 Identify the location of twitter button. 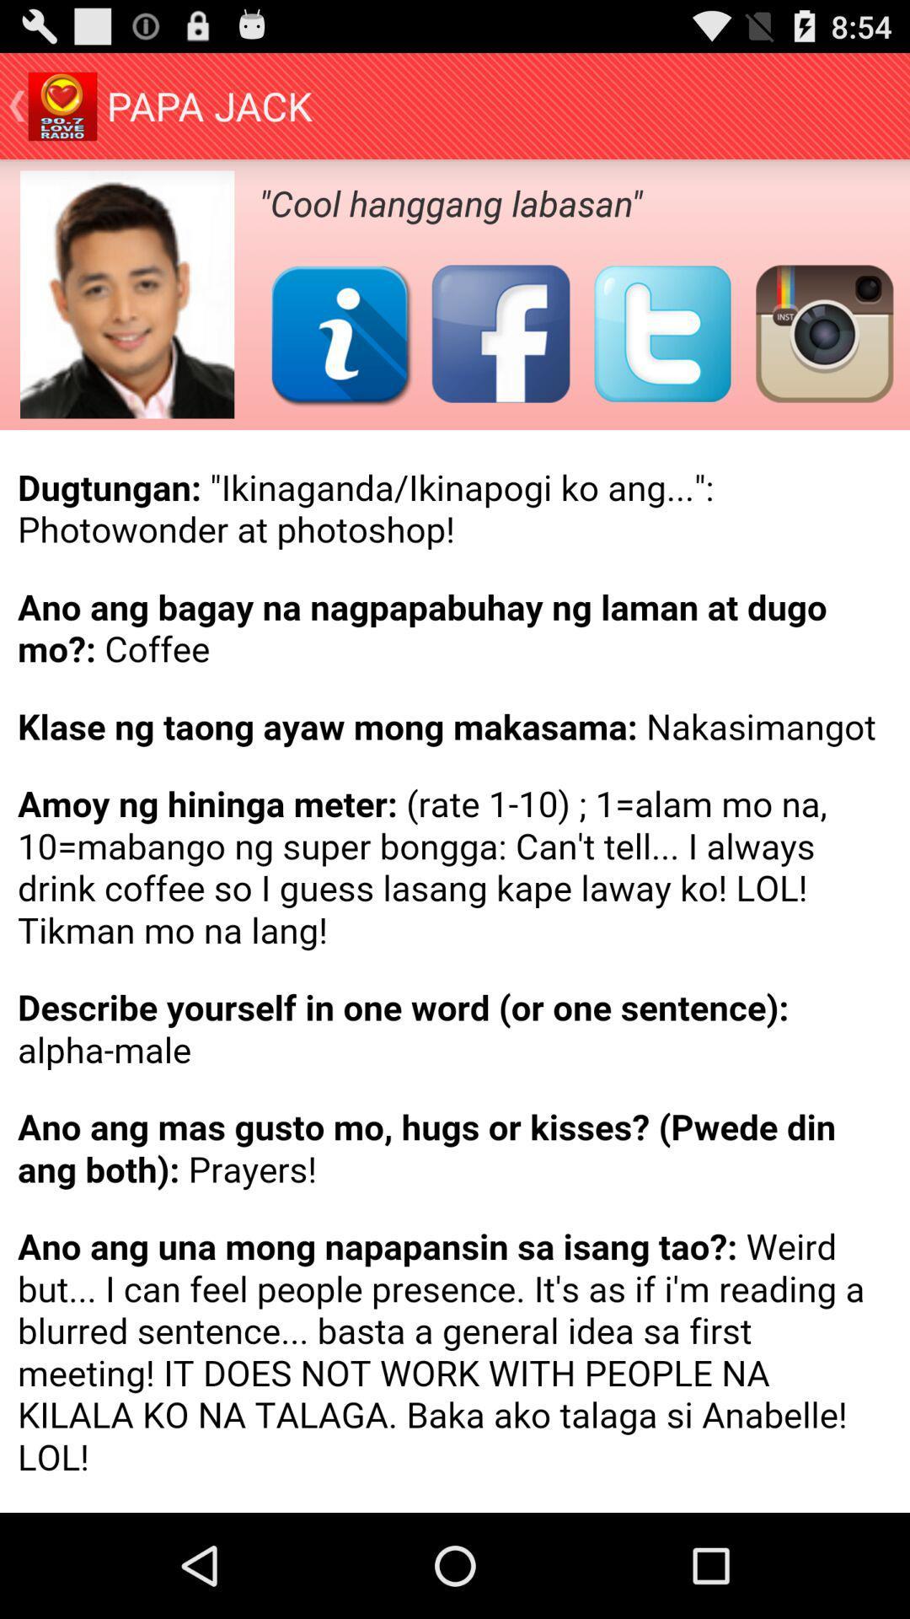
(661, 333).